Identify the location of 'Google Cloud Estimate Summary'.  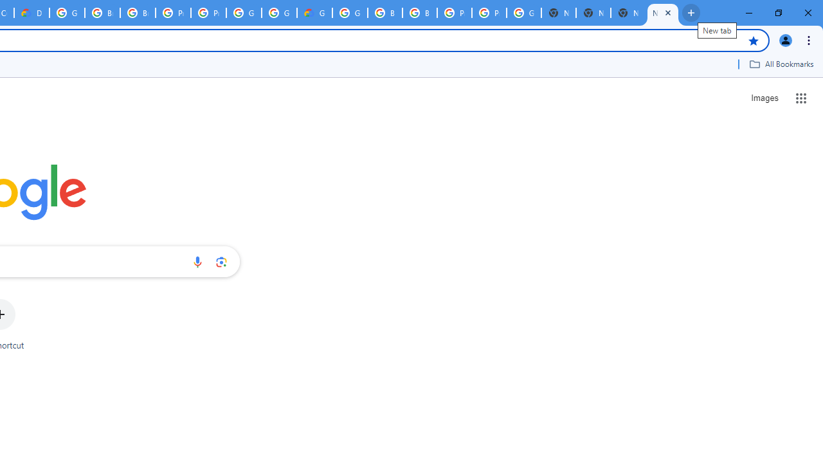
(314, 13).